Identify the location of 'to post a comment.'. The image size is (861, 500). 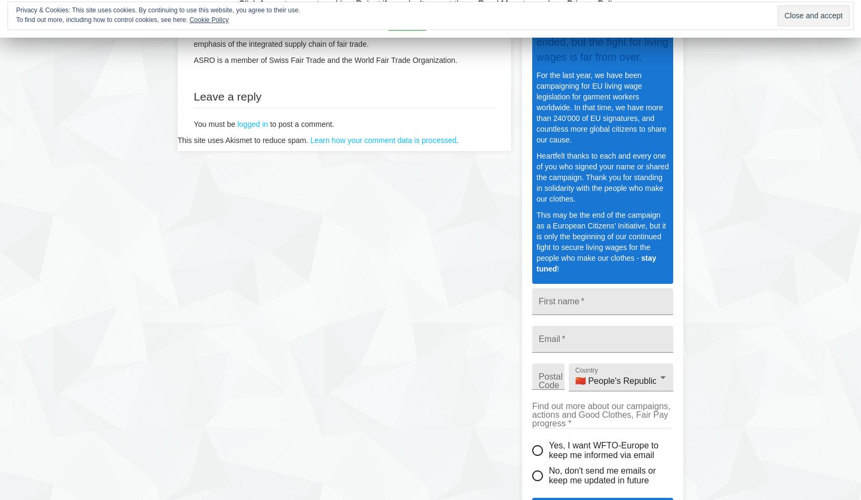
(300, 124).